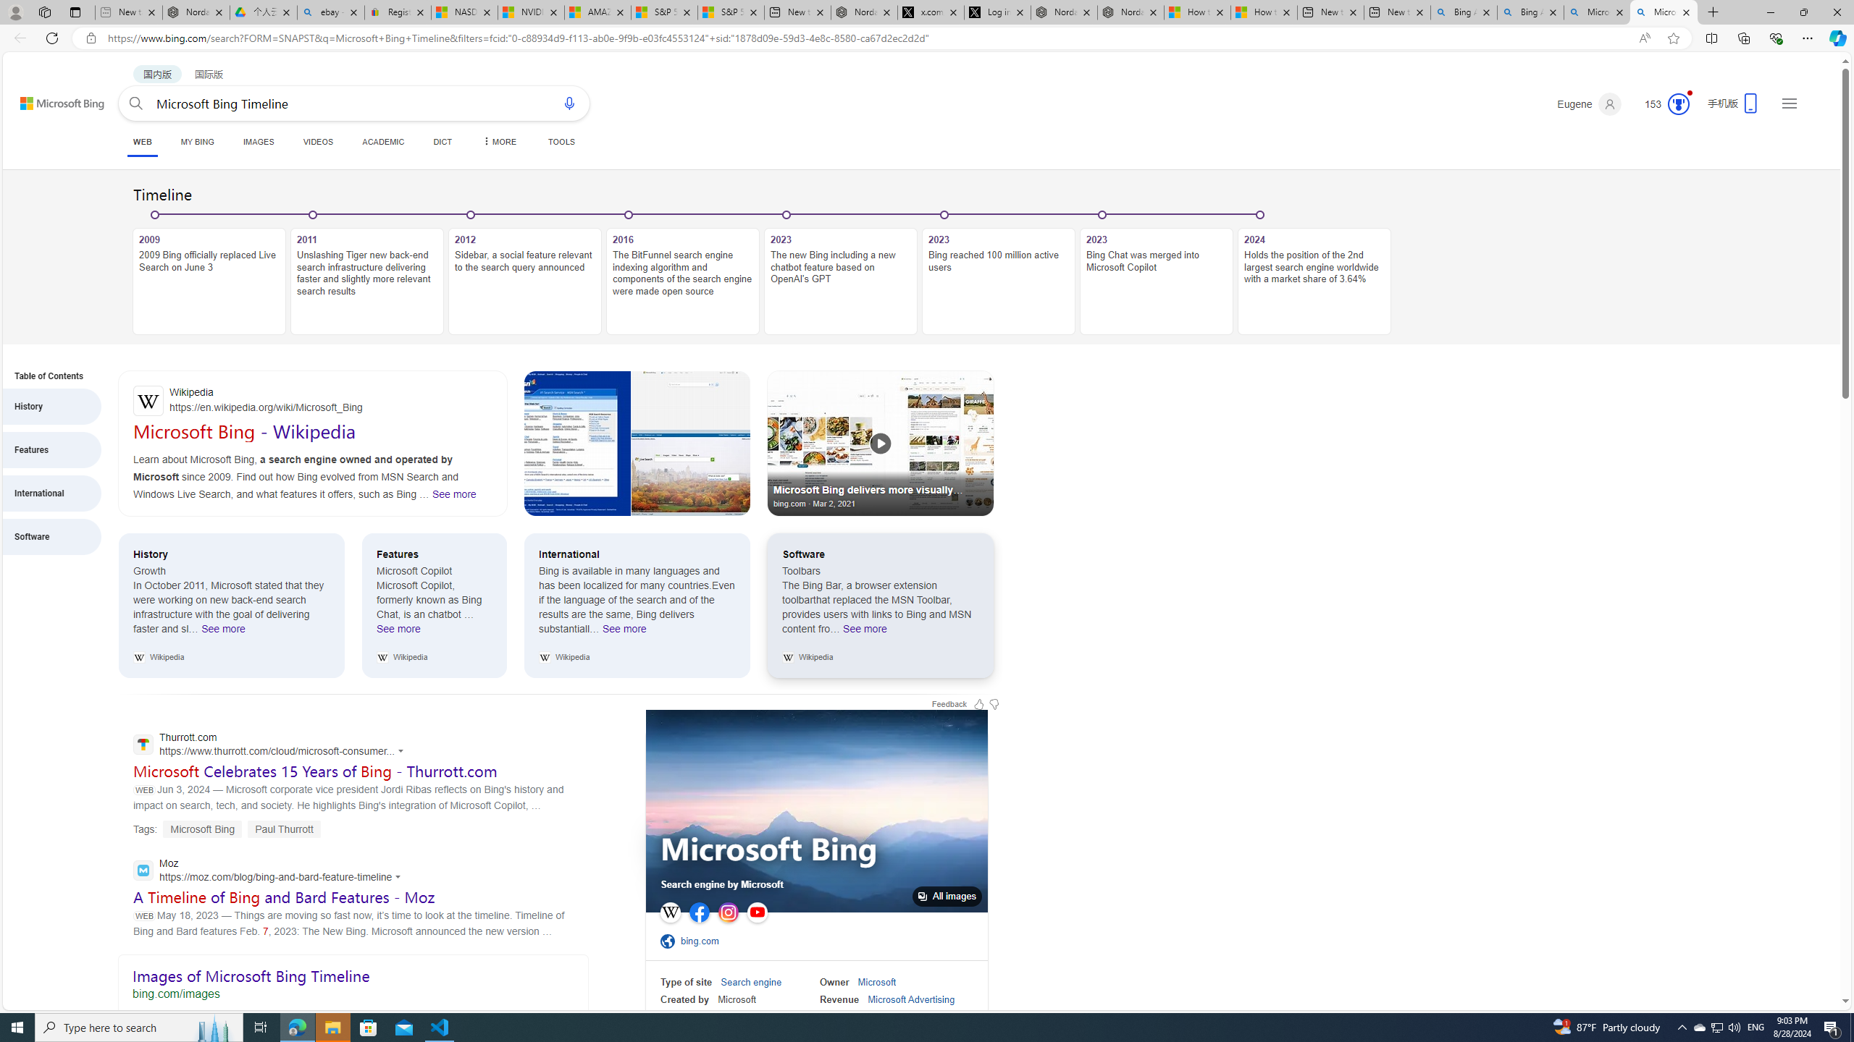 Image resolution: width=1854 pixels, height=1042 pixels. I want to click on 'MY BING', so click(197, 141).